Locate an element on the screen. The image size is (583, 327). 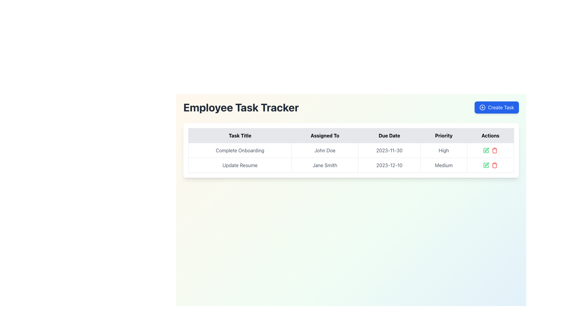
the left part of the square with a pen overlay icon located in the 'Actions' column of the second row next to the 'Update Resume' task in the 'Employee Task Tracker' interface is located at coordinates (486, 150).